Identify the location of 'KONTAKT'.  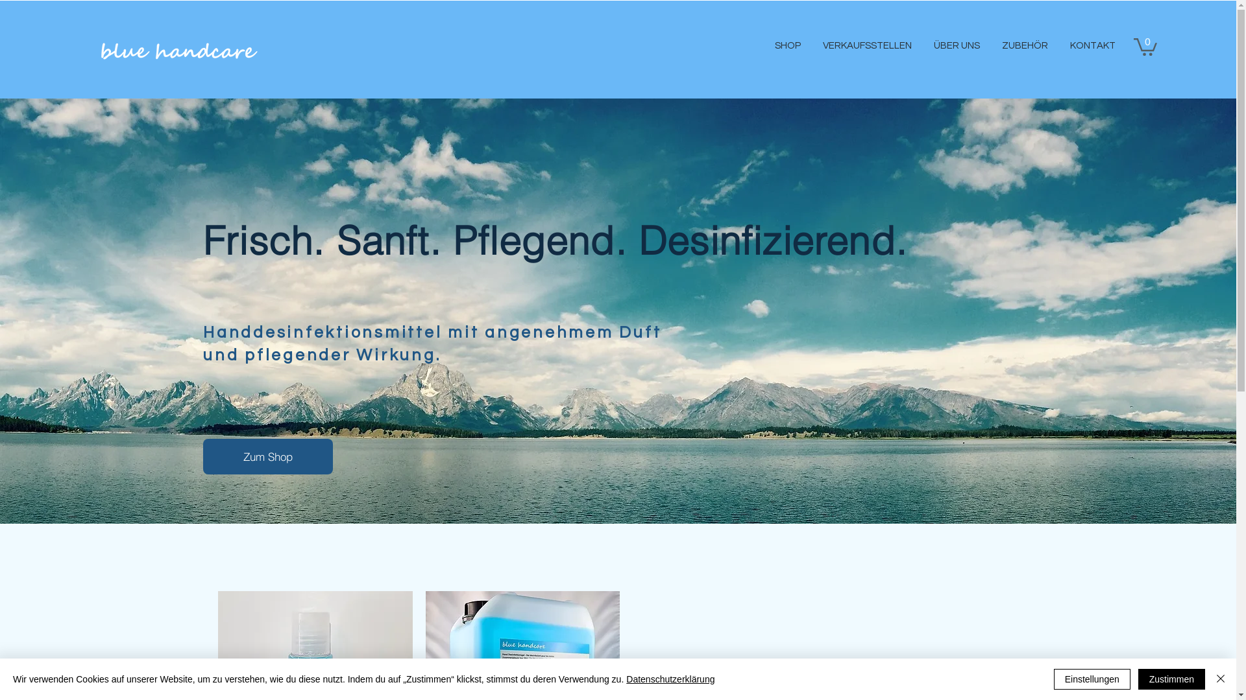
(1090, 45).